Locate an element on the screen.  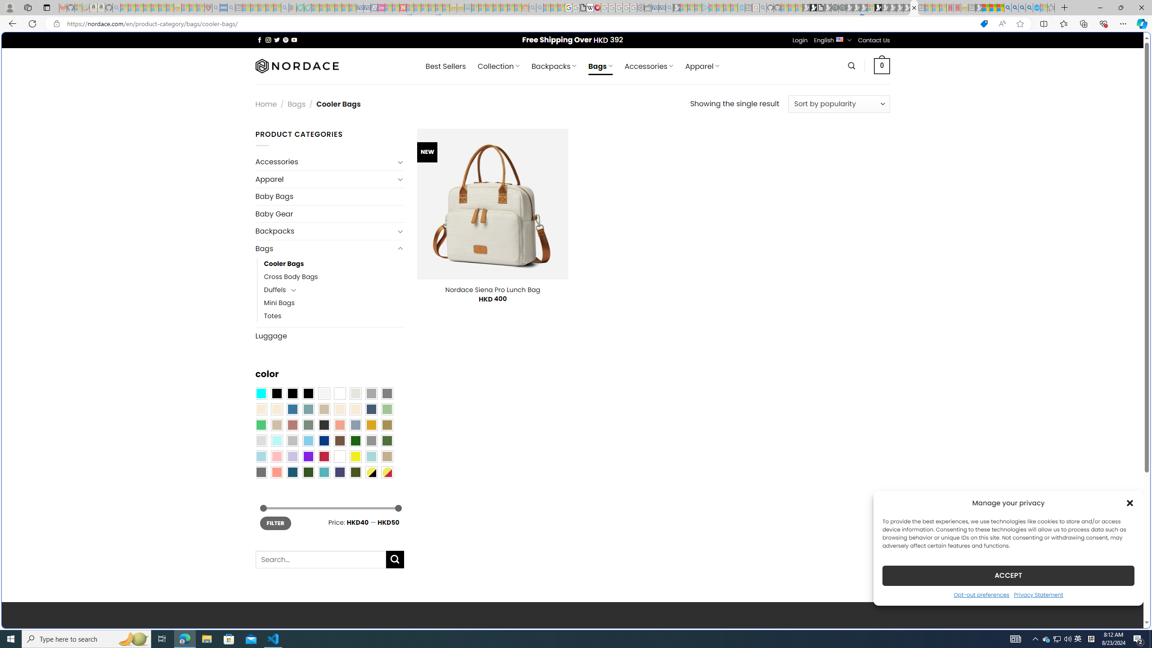
'Hale Navy' is located at coordinates (370, 409).